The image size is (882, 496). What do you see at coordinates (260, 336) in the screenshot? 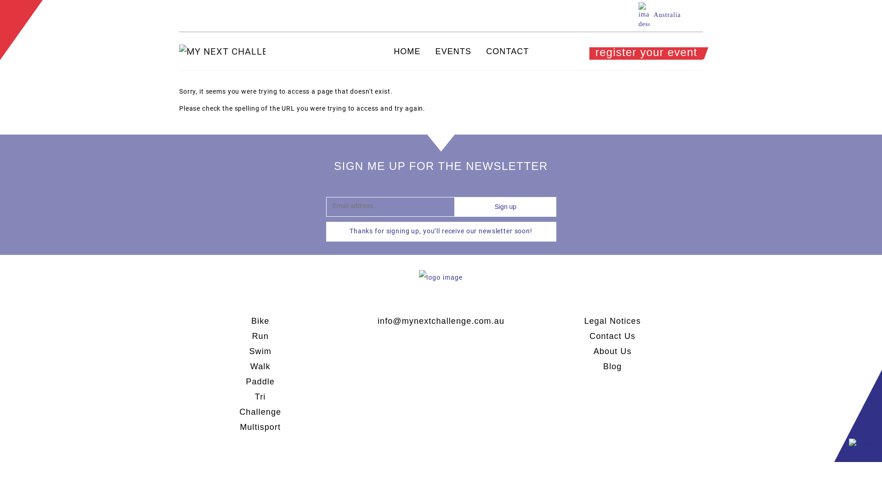
I see `'Run'` at bounding box center [260, 336].